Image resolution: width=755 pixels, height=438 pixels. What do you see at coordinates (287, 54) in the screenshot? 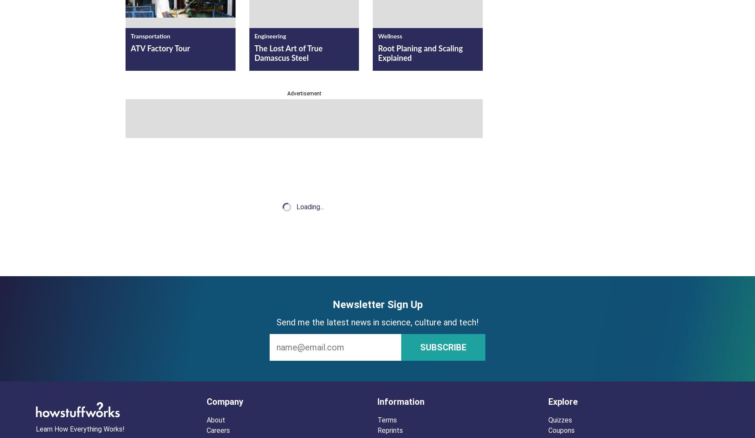
I see `'The Lost Art of True Damascus Steel'` at bounding box center [287, 54].